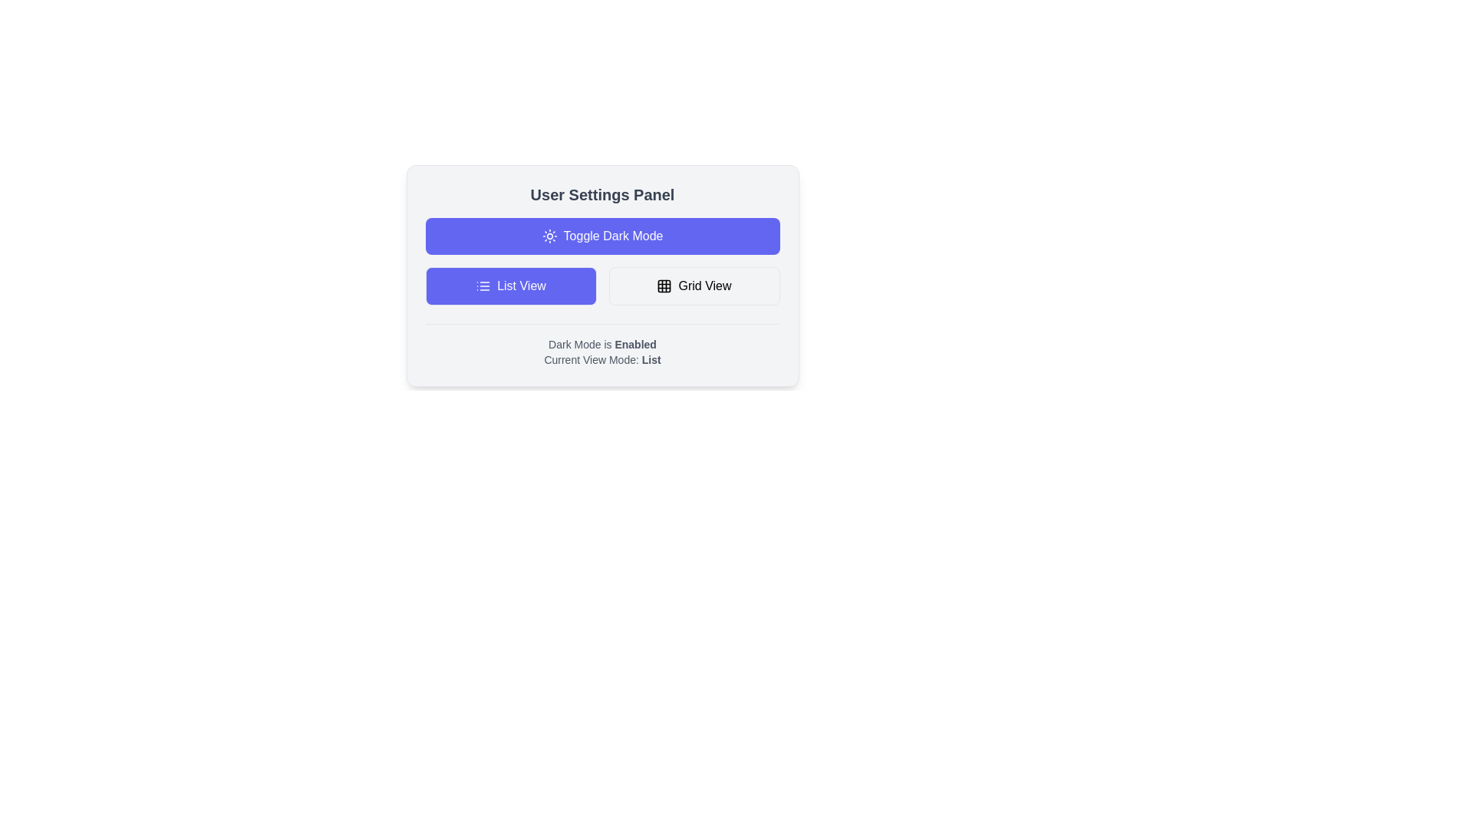 Image resolution: width=1473 pixels, height=829 pixels. Describe the element at coordinates (511, 286) in the screenshot. I see `the 'List View' button located in the lower middle part of the 'User Settings Panel'` at that location.